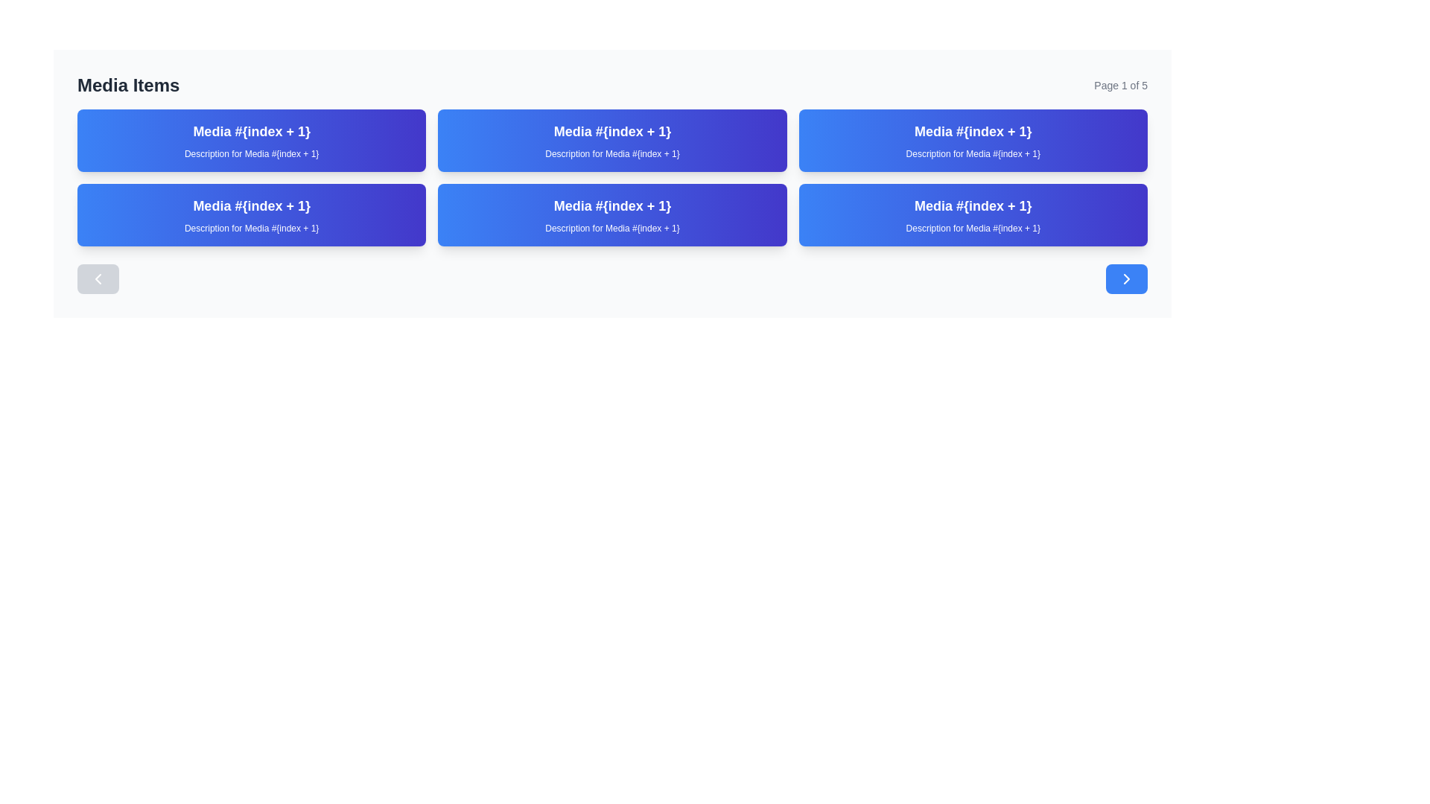  What do you see at coordinates (973, 229) in the screenshot?
I see `the text label that displays 'Description for Media #{index + 1}', located in the bottom section of the rightmost card in the bottom row of a grid-like layout` at bounding box center [973, 229].